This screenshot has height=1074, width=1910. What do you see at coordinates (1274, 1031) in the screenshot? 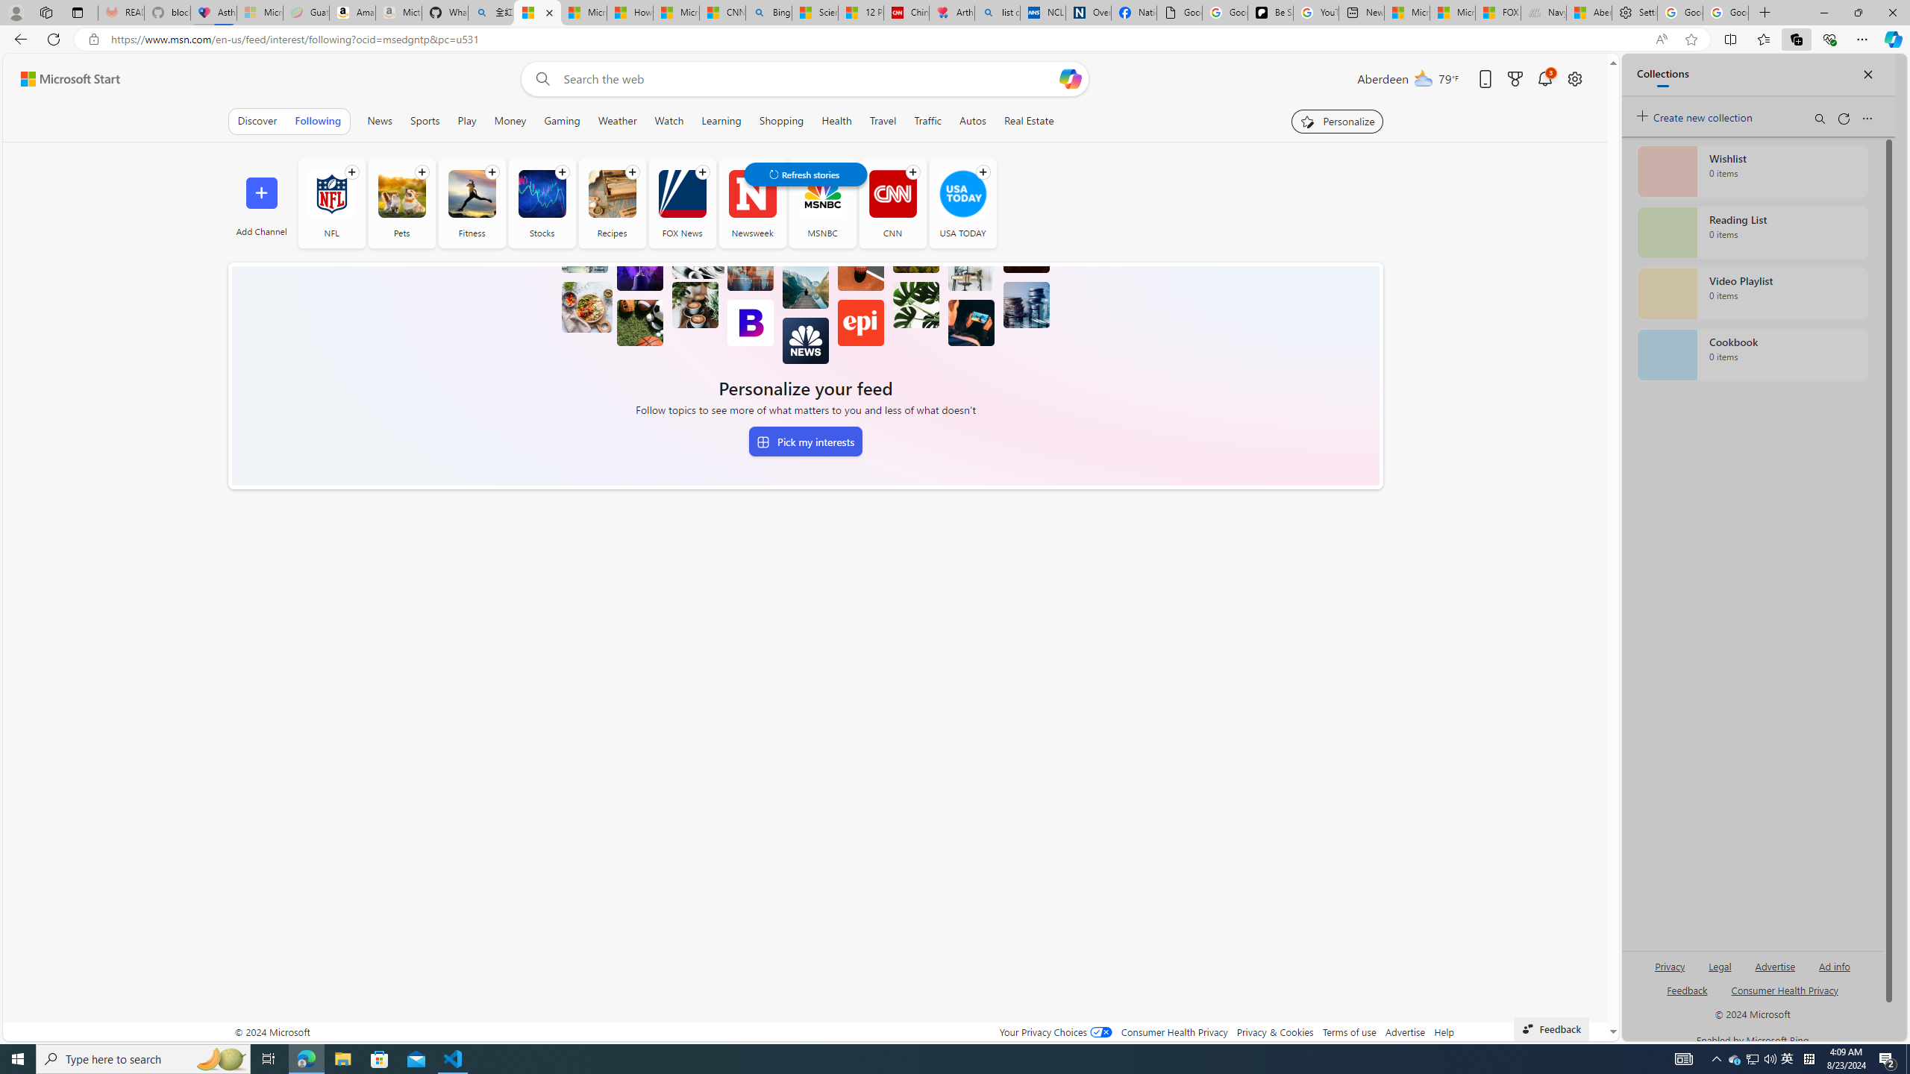
I see `'Privacy & Cookies'` at bounding box center [1274, 1031].